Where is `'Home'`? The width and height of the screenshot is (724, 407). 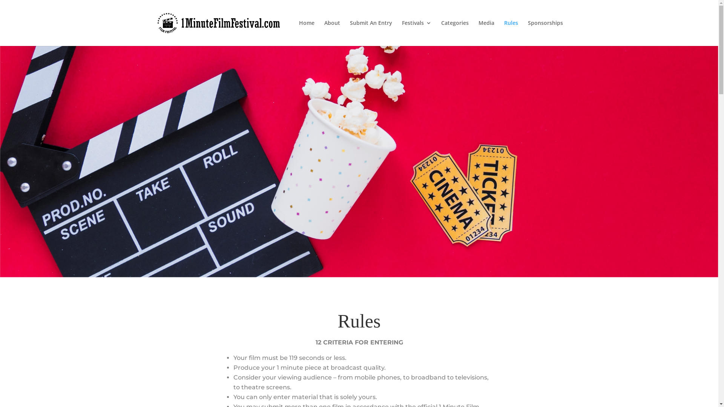
'Home' is located at coordinates (306, 33).